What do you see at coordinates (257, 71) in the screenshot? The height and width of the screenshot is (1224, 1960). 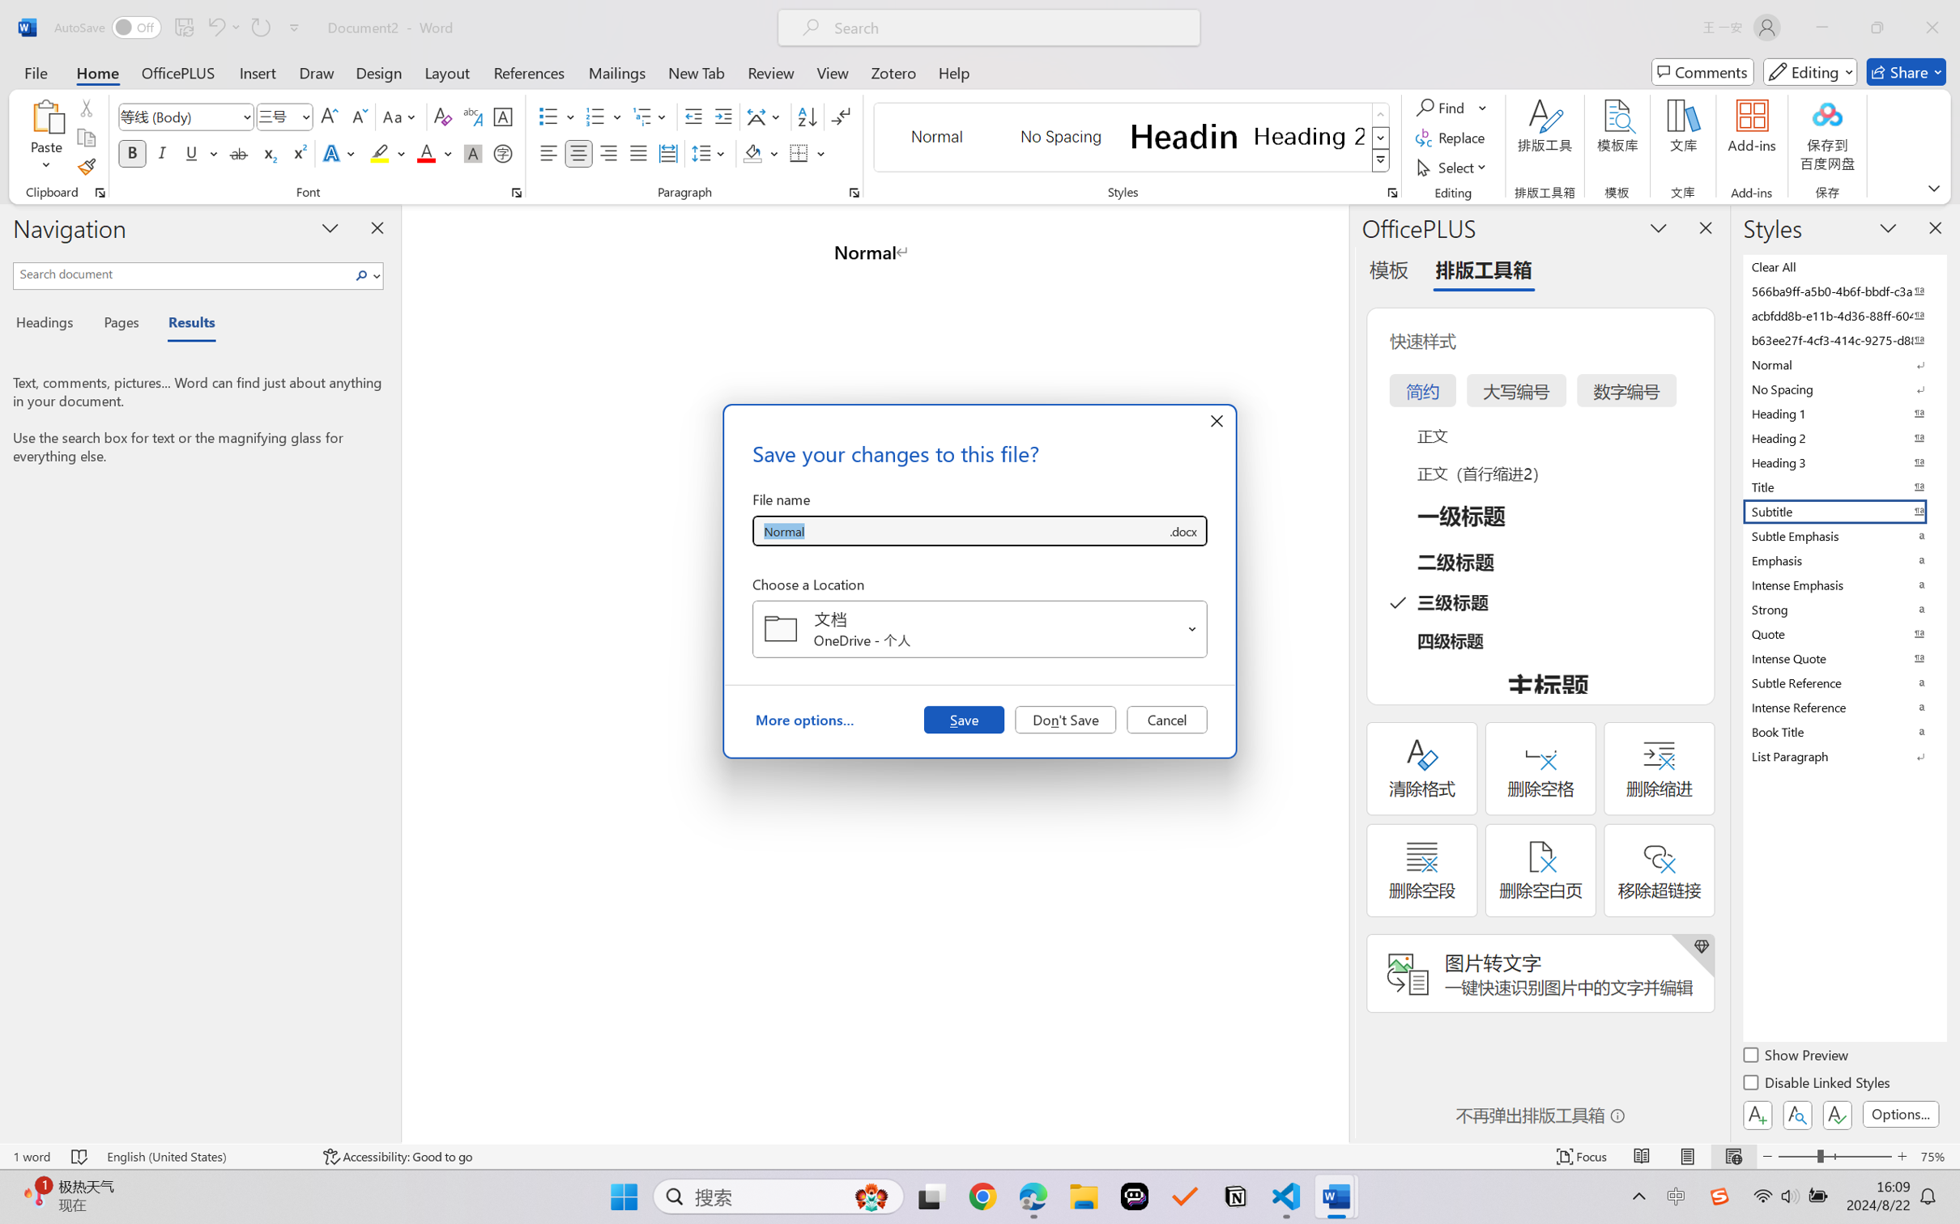 I see `'Insert'` at bounding box center [257, 71].